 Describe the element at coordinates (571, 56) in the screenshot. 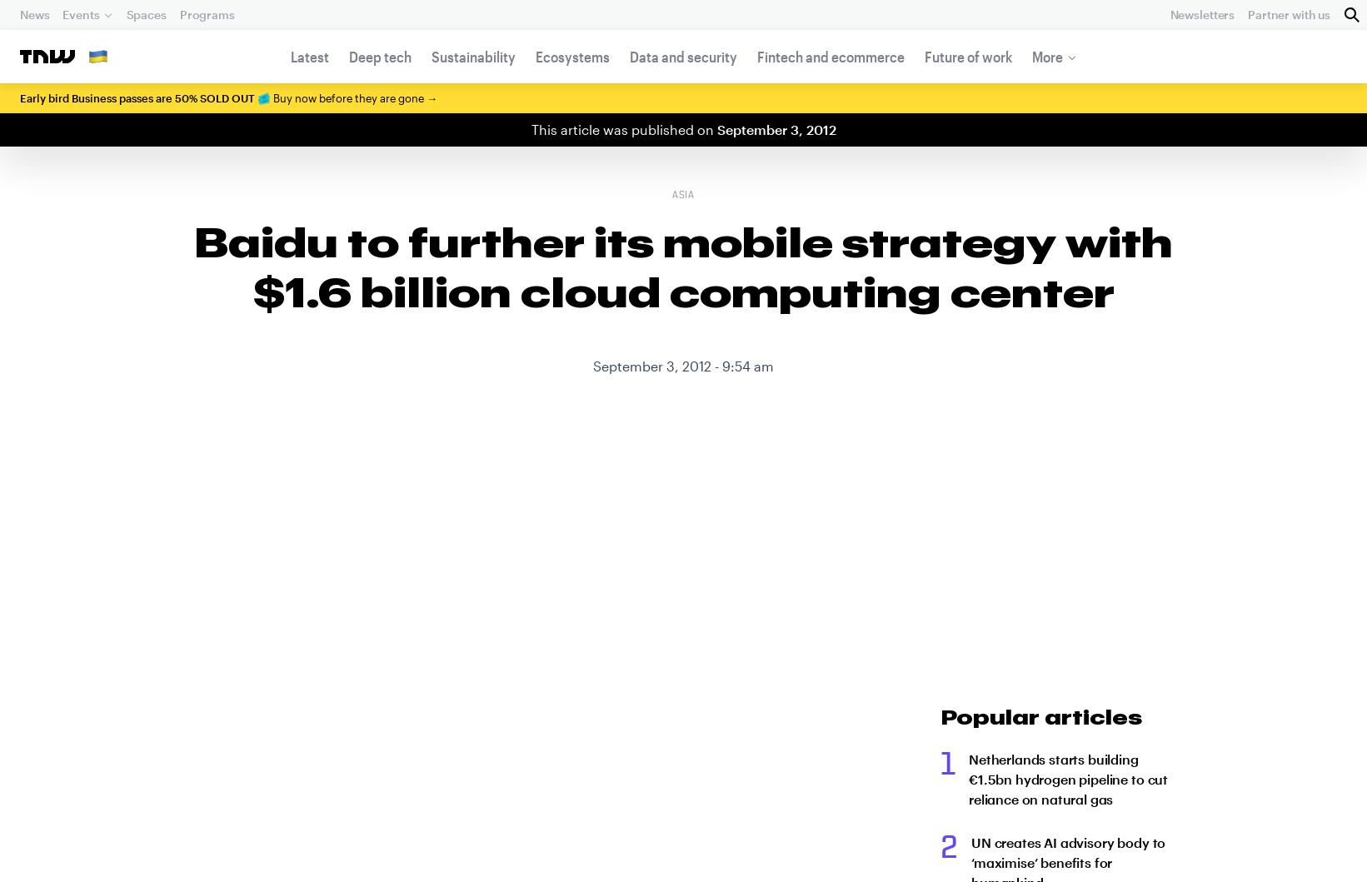

I see `'Ecosystems'` at that location.